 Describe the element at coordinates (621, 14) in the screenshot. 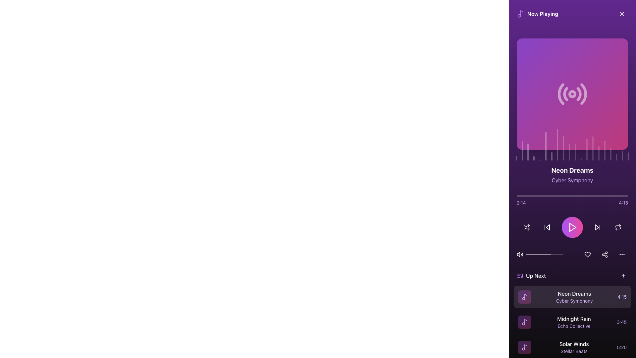

I see `the close button (X icon) located at the top-right corner of the purple interface panel` at that location.